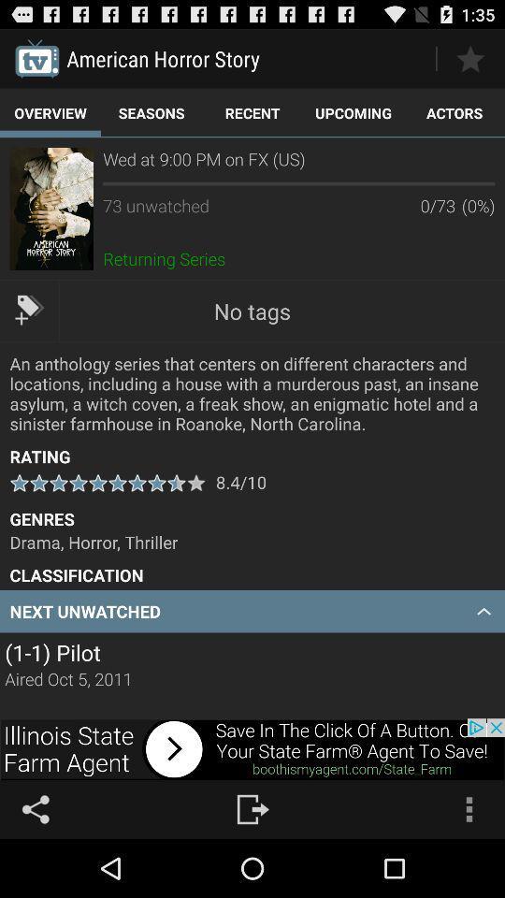 This screenshot has width=505, height=898. What do you see at coordinates (469, 58) in the screenshot?
I see `highlight` at bounding box center [469, 58].